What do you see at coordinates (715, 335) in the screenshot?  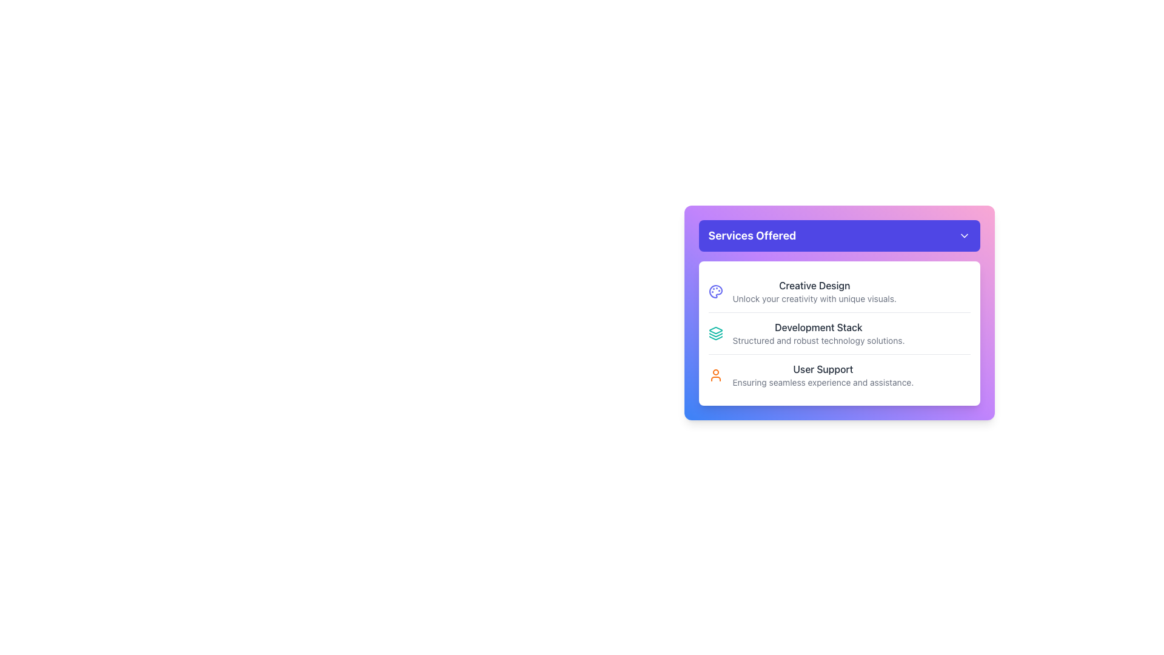 I see `the second graphical vector layer element, which features teal outlines and is part of a modern, minimalist icon set, located near the top of the 'Services Offered' panel` at bounding box center [715, 335].